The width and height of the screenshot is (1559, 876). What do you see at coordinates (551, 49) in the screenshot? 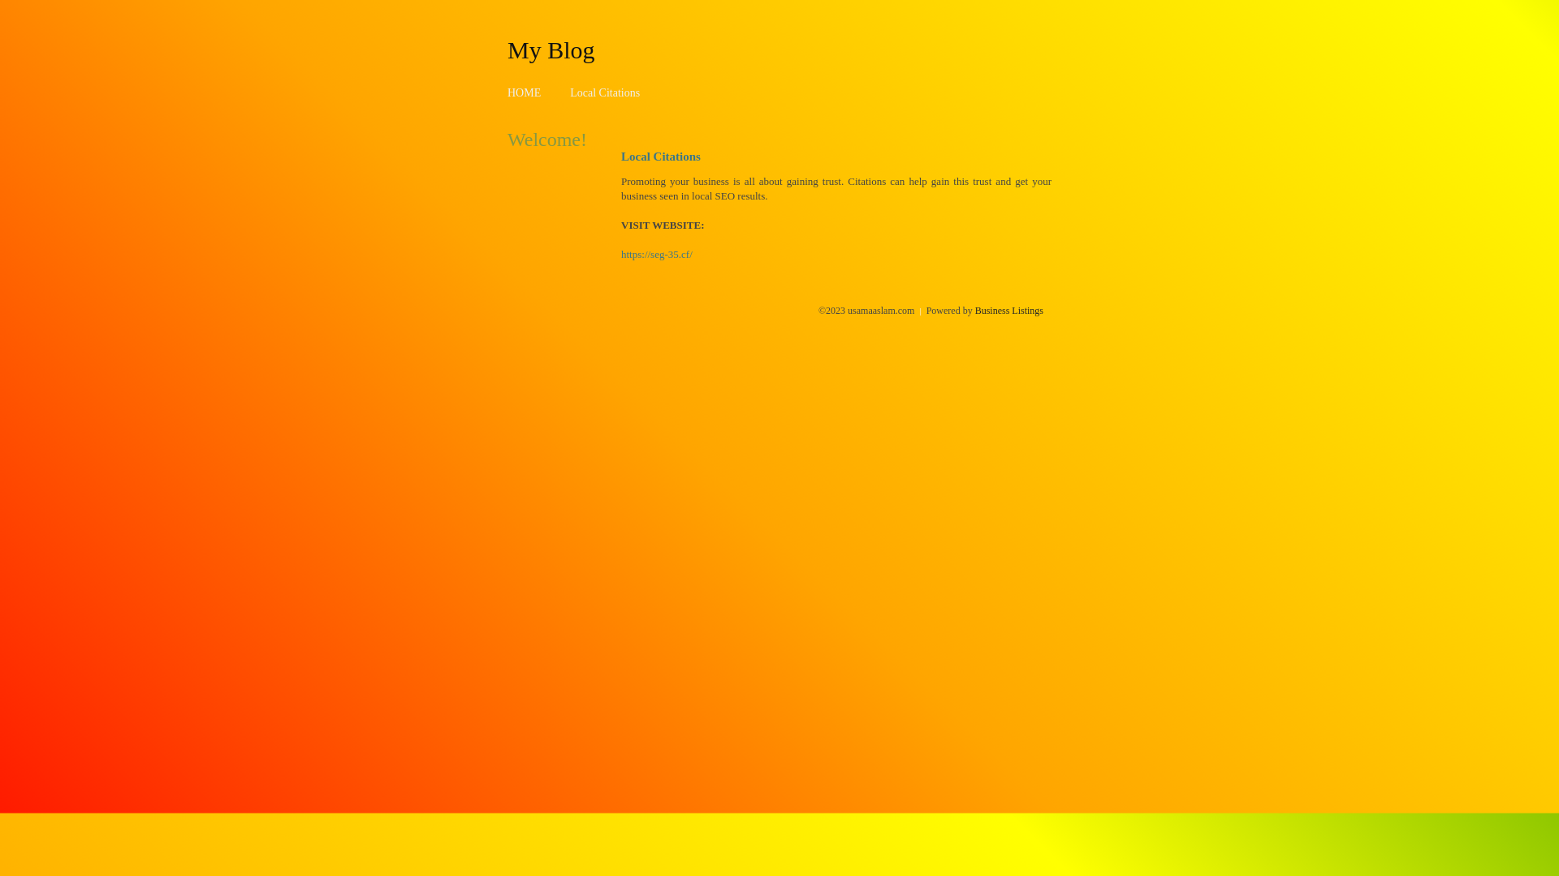
I see `'My Blog'` at bounding box center [551, 49].